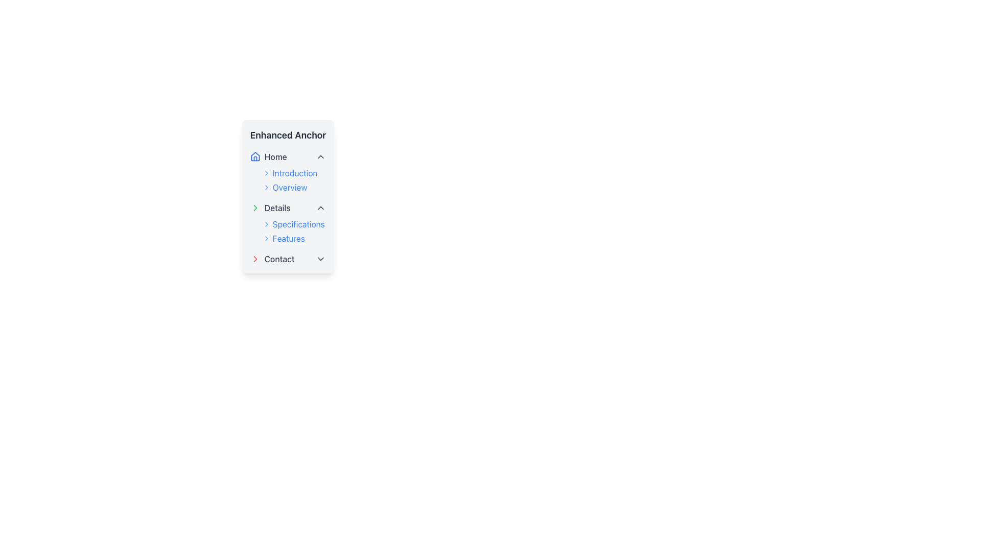 The image size is (981, 552). Describe the element at coordinates (255, 258) in the screenshot. I see `the chevron icon pointing right located to the left of the text 'Contact' in the sidebar` at that location.